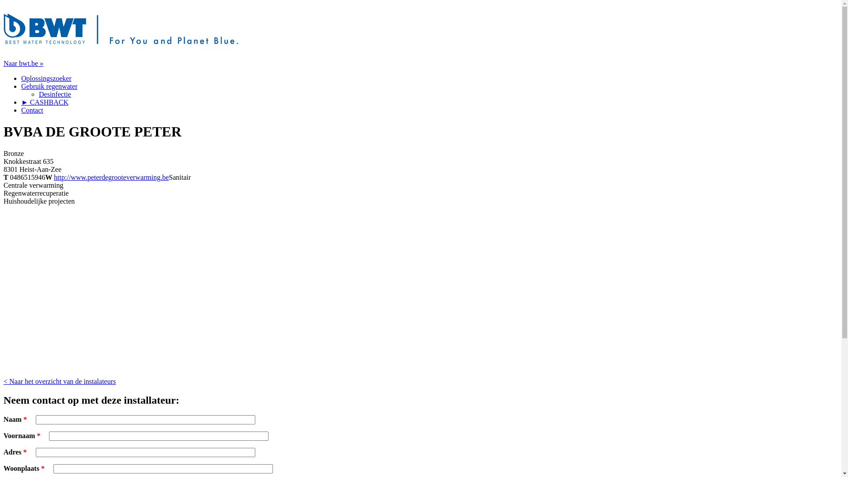 This screenshot has height=477, width=848. I want to click on 'Jump to navigation', so click(30, 7).